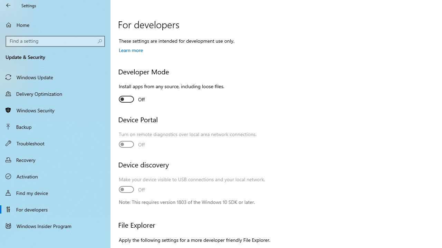  I want to click on 'For developers', so click(55, 209).